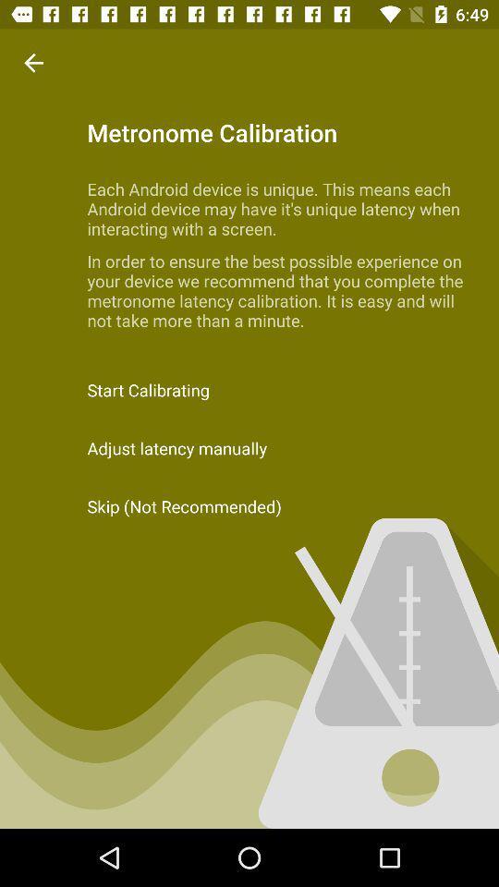 The image size is (499, 887). What do you see at coordinates (249, 506) in the screenshot?
I see `the skip (not recommended)` at bounding box center [249, 506].